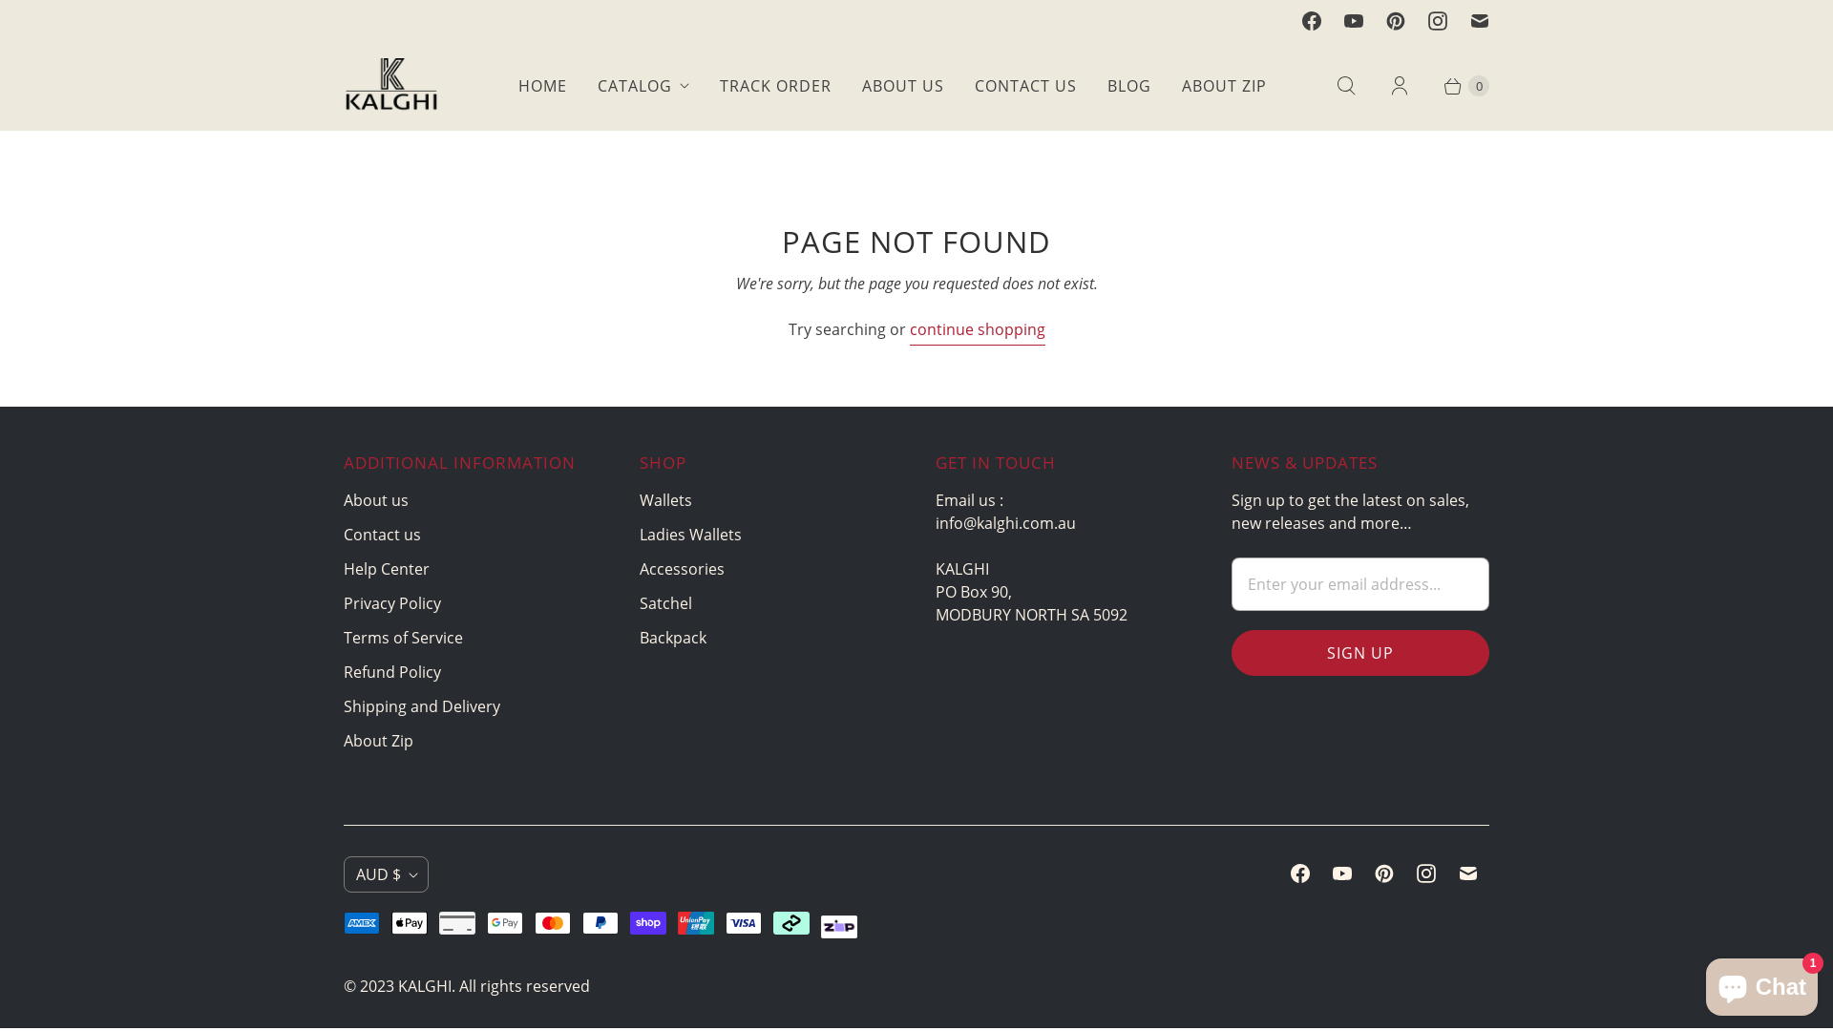 This screenshot has height=1031, width=1833. What do you see at coordinates (1166, 84) in the screenshot?
I see `'ABOUT ZIP'` at bounding box center [1166, 84].